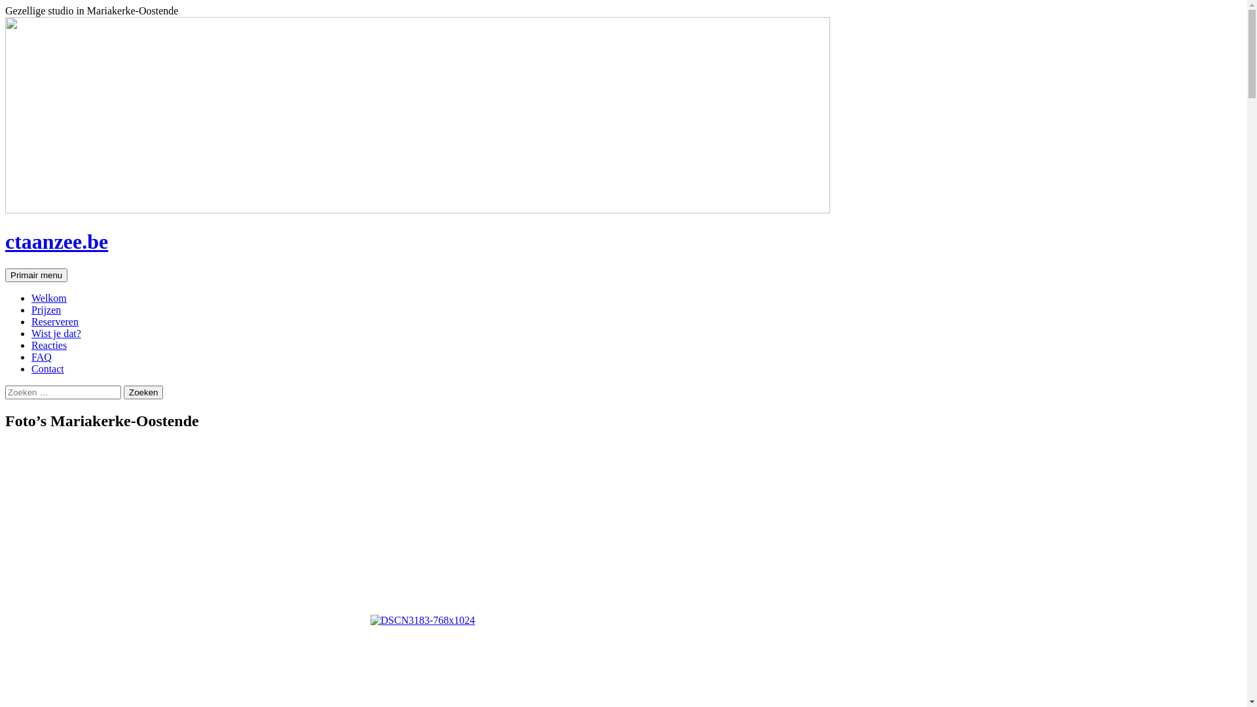  Describe the element at coordinates (5, 274) in the screenshot. I see `'Primair menu'` at that location.